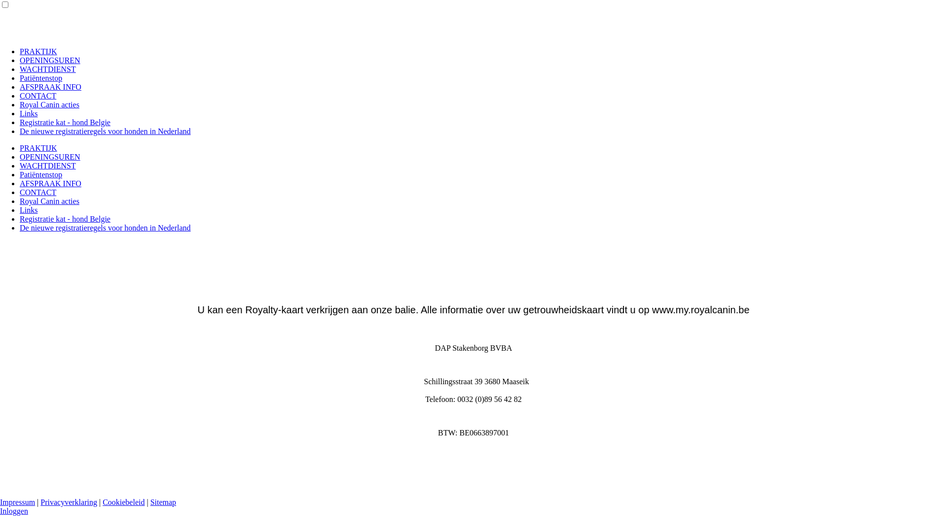 The width and height of the screenshot is (947, 532). Describe the element at coordinates (49, 60) in the screenshot. I see `'OPENINGSUREN'` at that location.